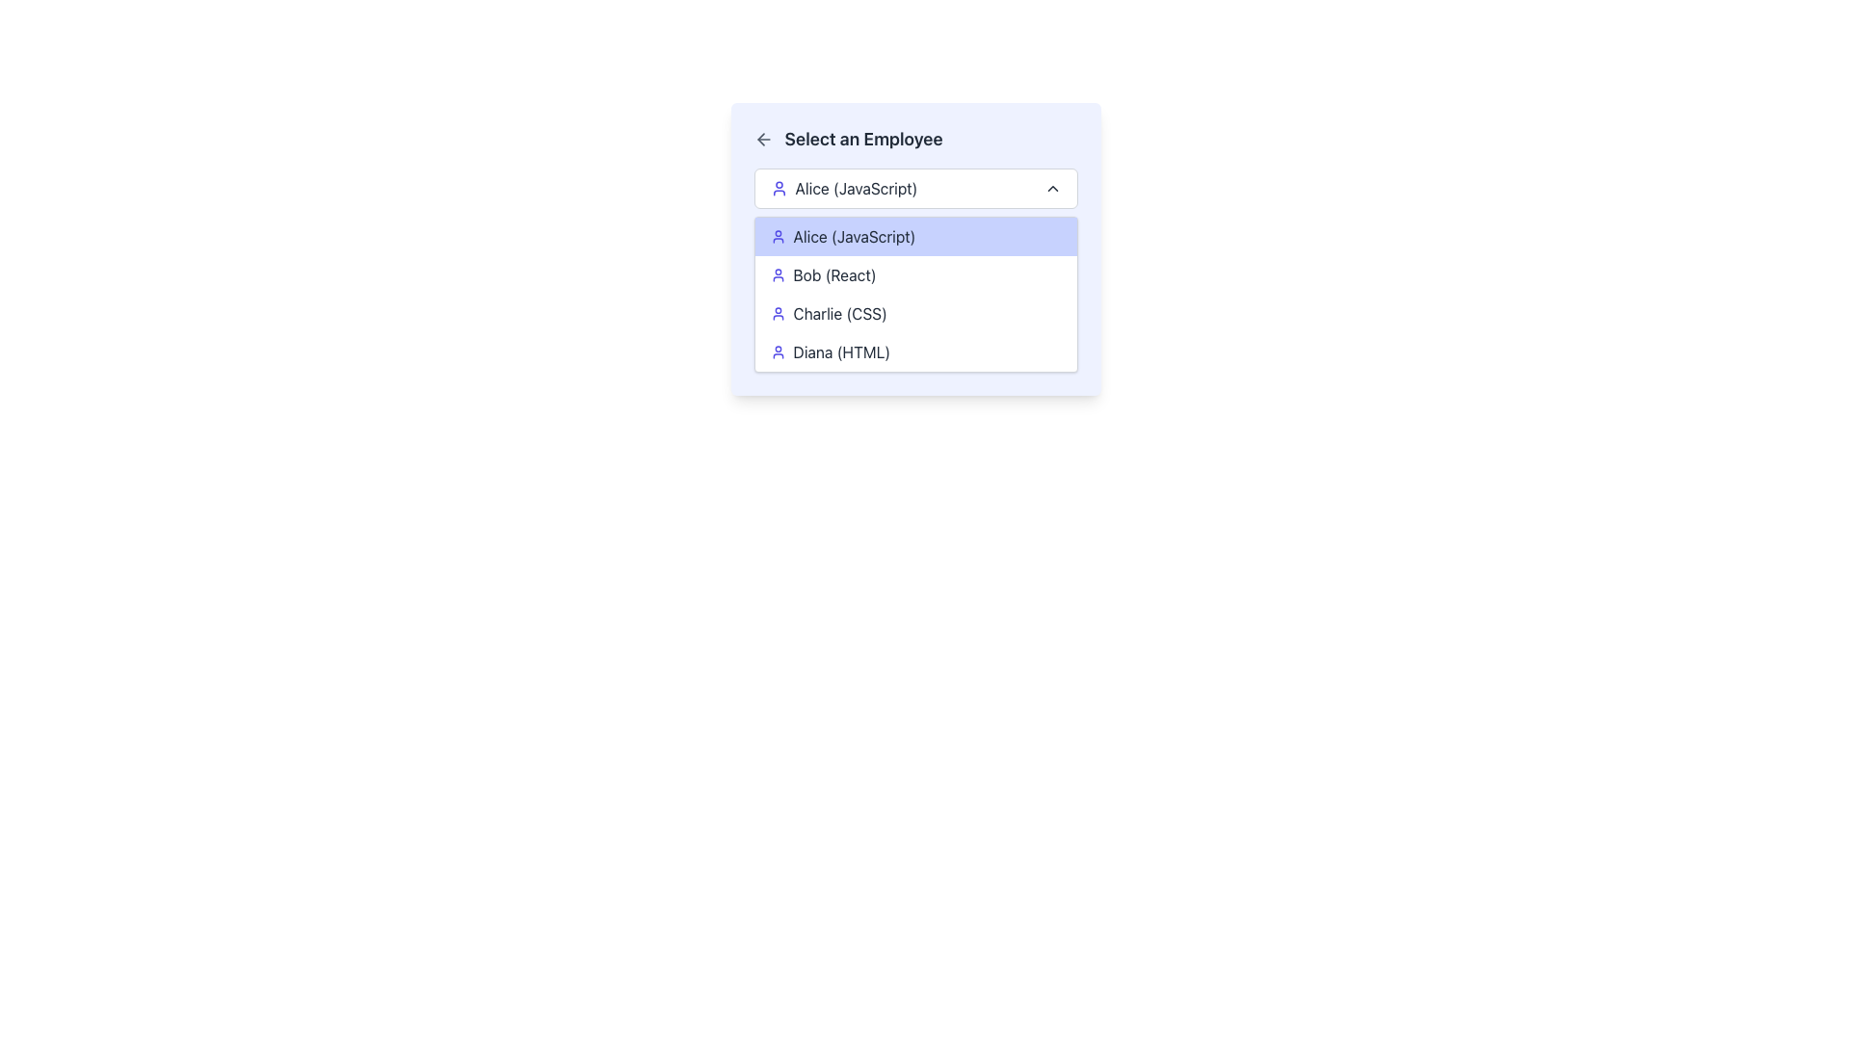  Describe the element at coordinates (779, 189) in the screenshot. I see `the user profile icon located to the left of the text 'Alice (JavaScript)' in the dropdown menu titled 'Select an Employee'` at that location.